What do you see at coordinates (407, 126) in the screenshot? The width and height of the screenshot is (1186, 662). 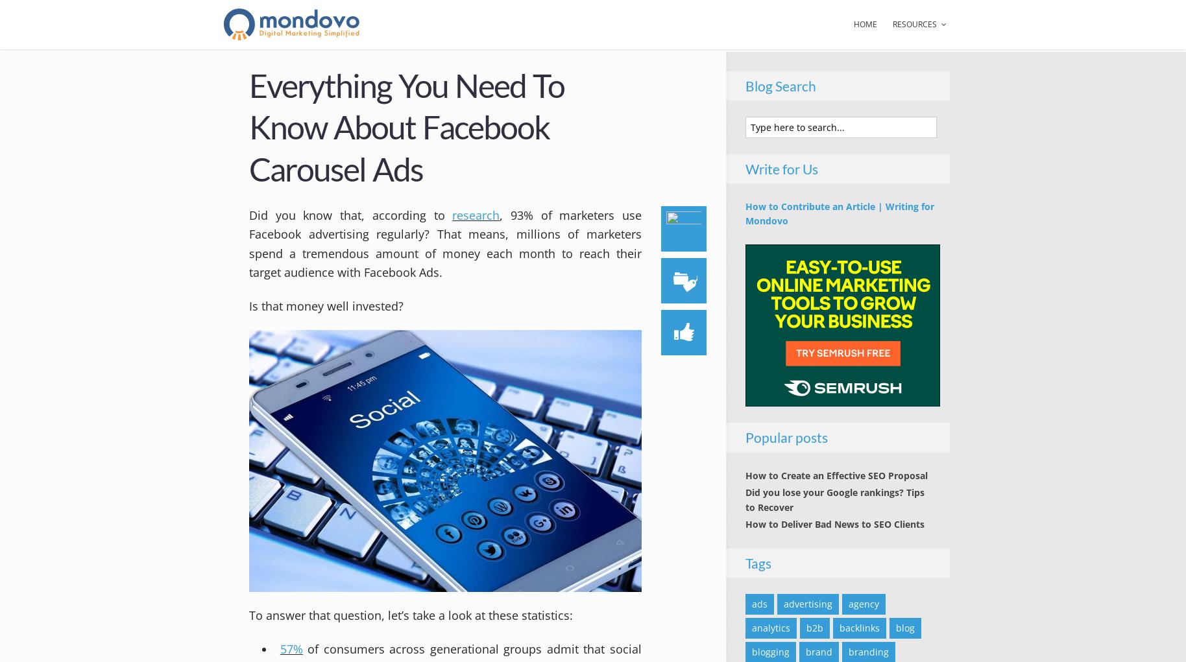 I see `'Everything You Need To Know About Facebook Carousel Ads'` at bounding box center [407, 126].